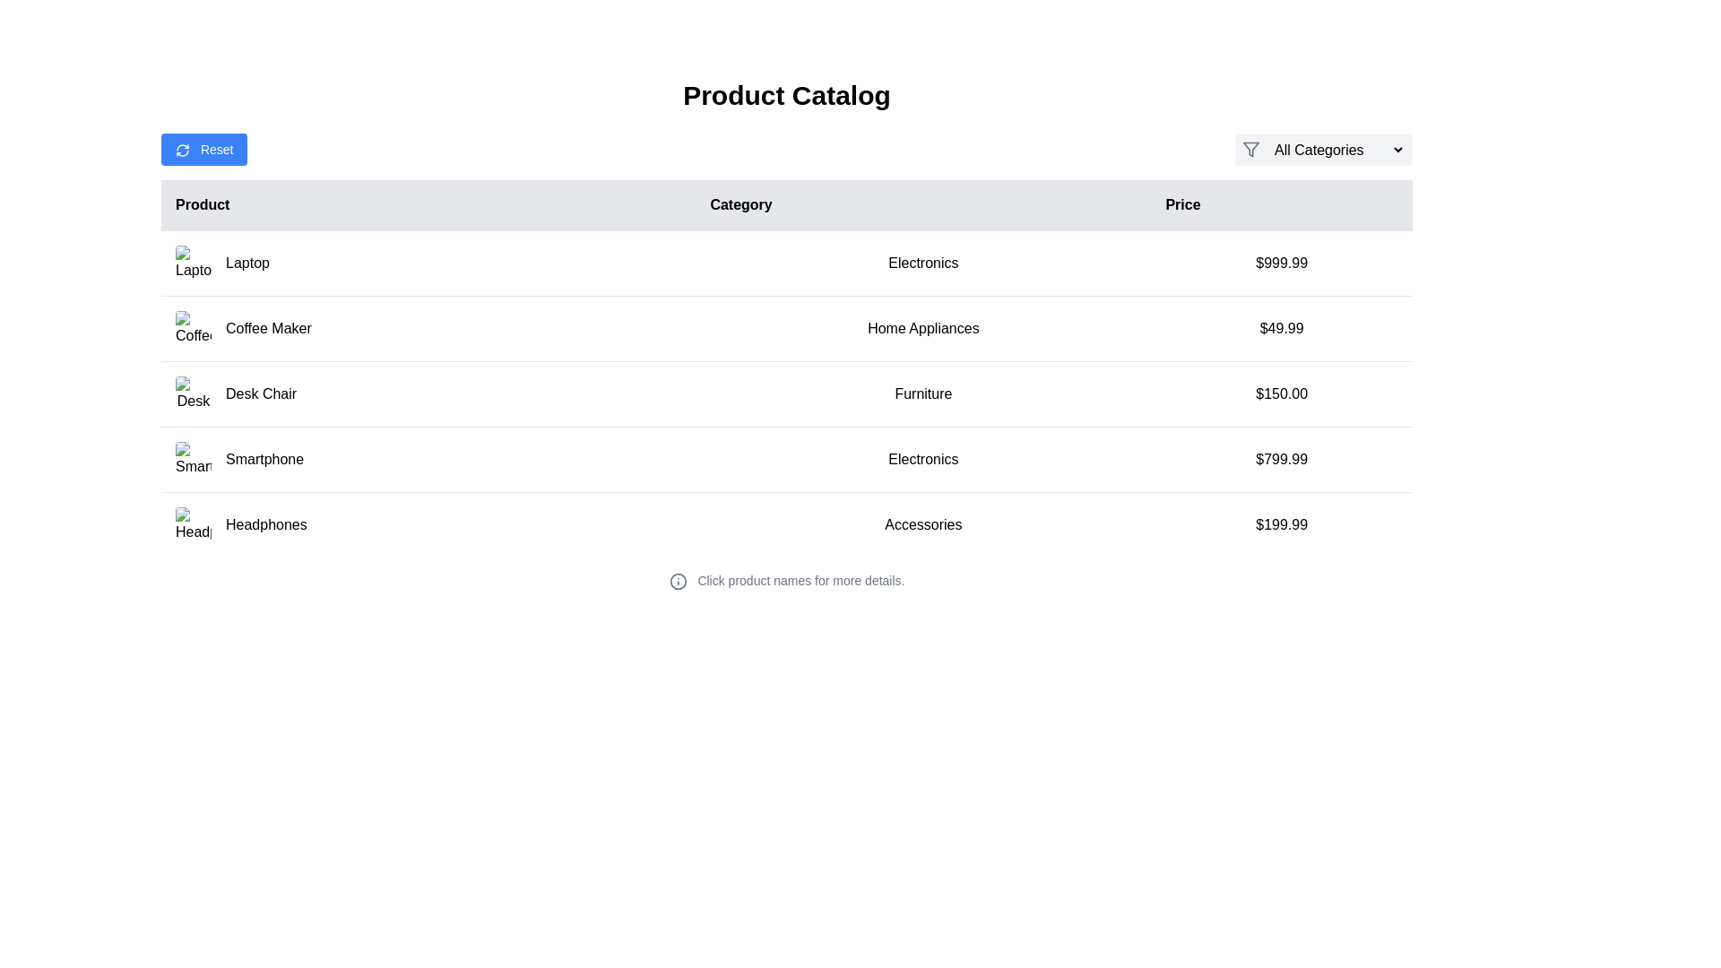 This screenshot has width=1721, height=968. Describe the element at coordinates (1281, 393) in the screenshot. I see `the text content of the monetary value label displaying '$150.00' in the 'Price' column for the 'Desk Chair' product in the product catalog table` at that location.